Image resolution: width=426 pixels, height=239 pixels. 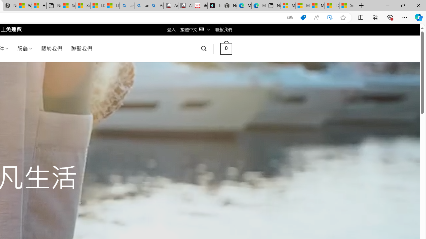 What do you see at coordinates (302, 6) in the screenshot?
I see `'Microsoft account | Privacy'` at bounding box center [302, 6].